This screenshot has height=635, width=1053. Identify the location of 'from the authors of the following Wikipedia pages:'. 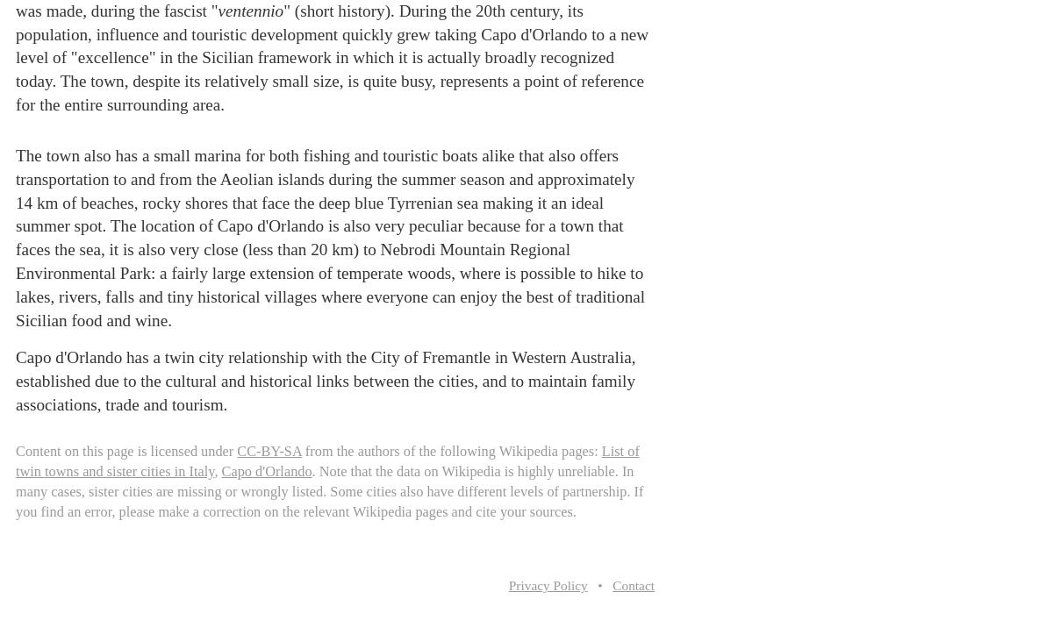
(449, 450).